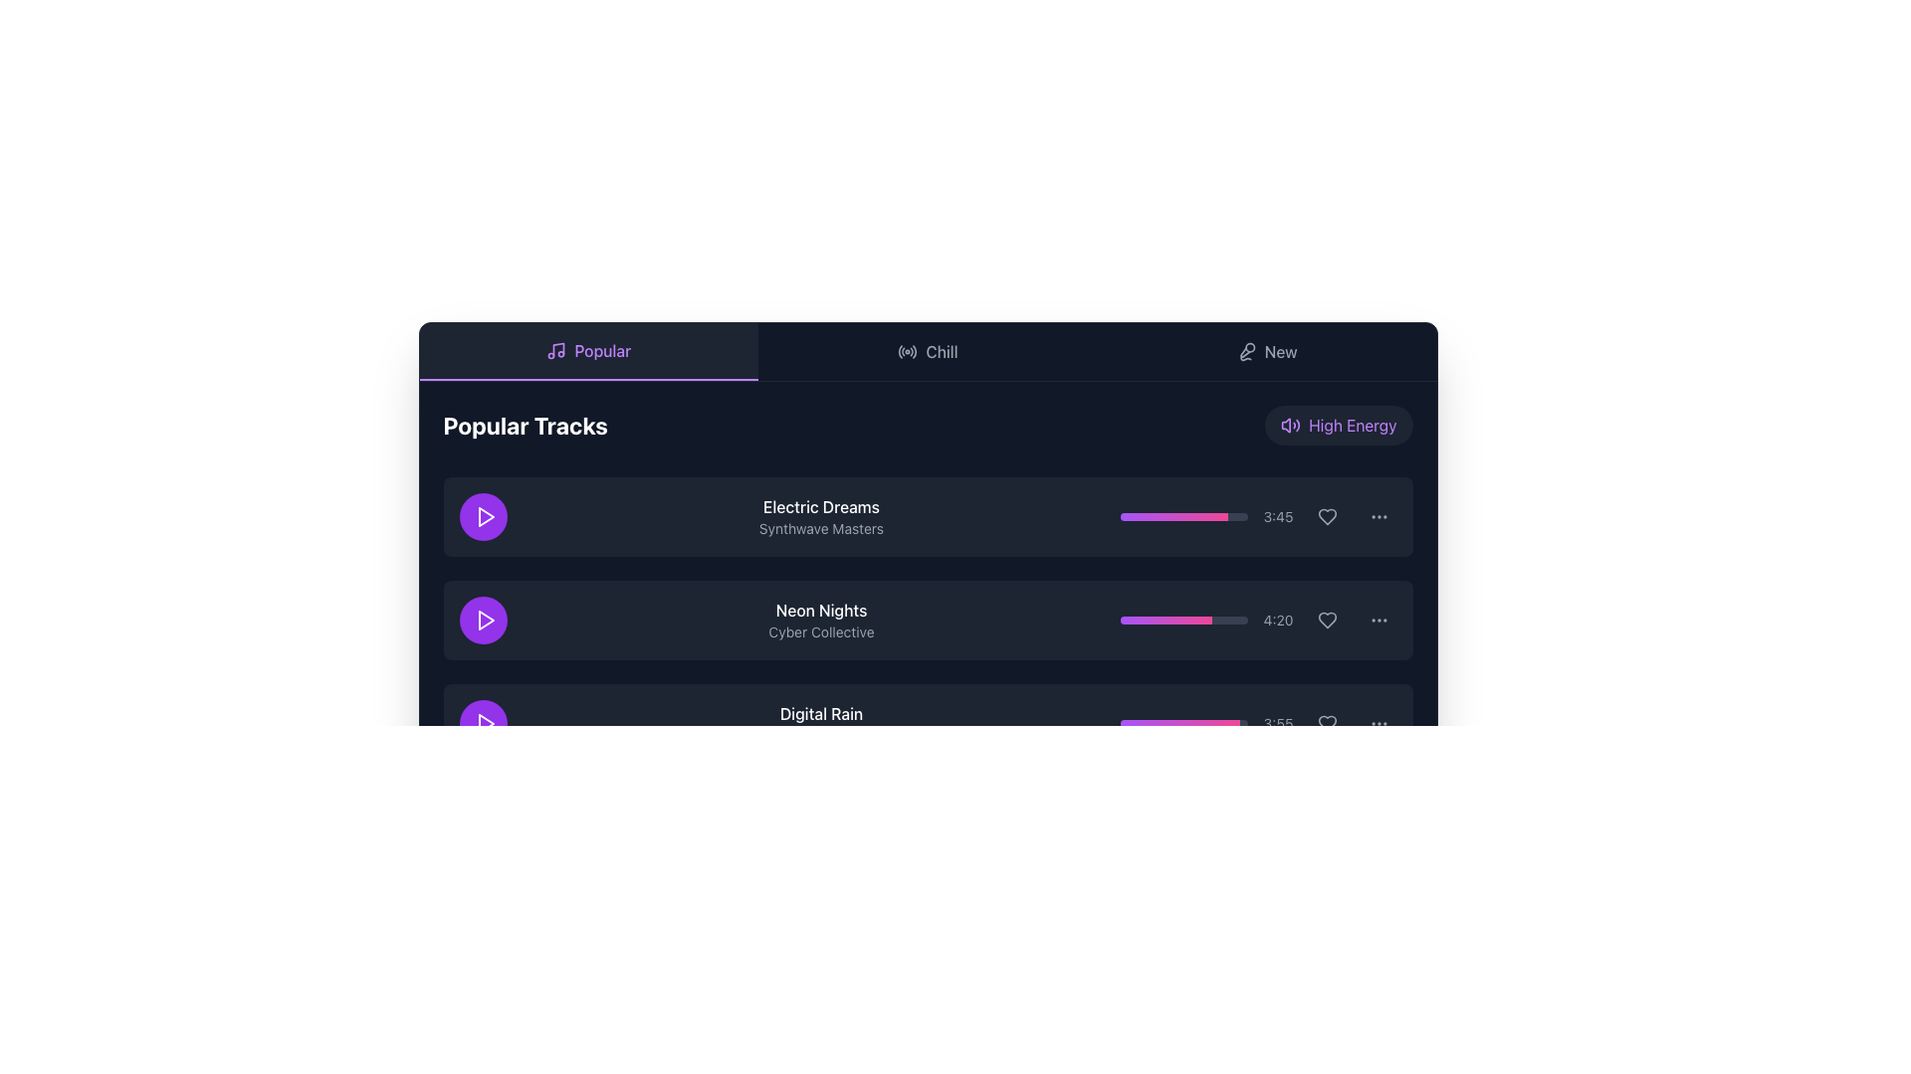  What do you see at coordinates (485, 620) in the screenshot?
I see `the triangular play icon button outlined with a purple circular background, located to the left of the 'Electric Dreams' text, to indicate readiness for action` at bounding box center [485, 620].